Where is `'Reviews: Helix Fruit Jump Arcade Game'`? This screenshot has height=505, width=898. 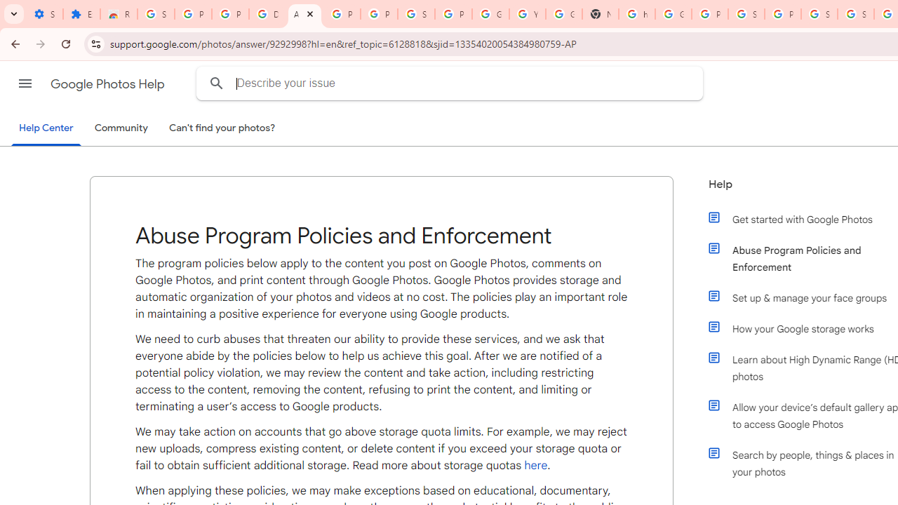
'Reviews: Helix Fruit Jump Arcade Game' is located at coordinates (119, 14).